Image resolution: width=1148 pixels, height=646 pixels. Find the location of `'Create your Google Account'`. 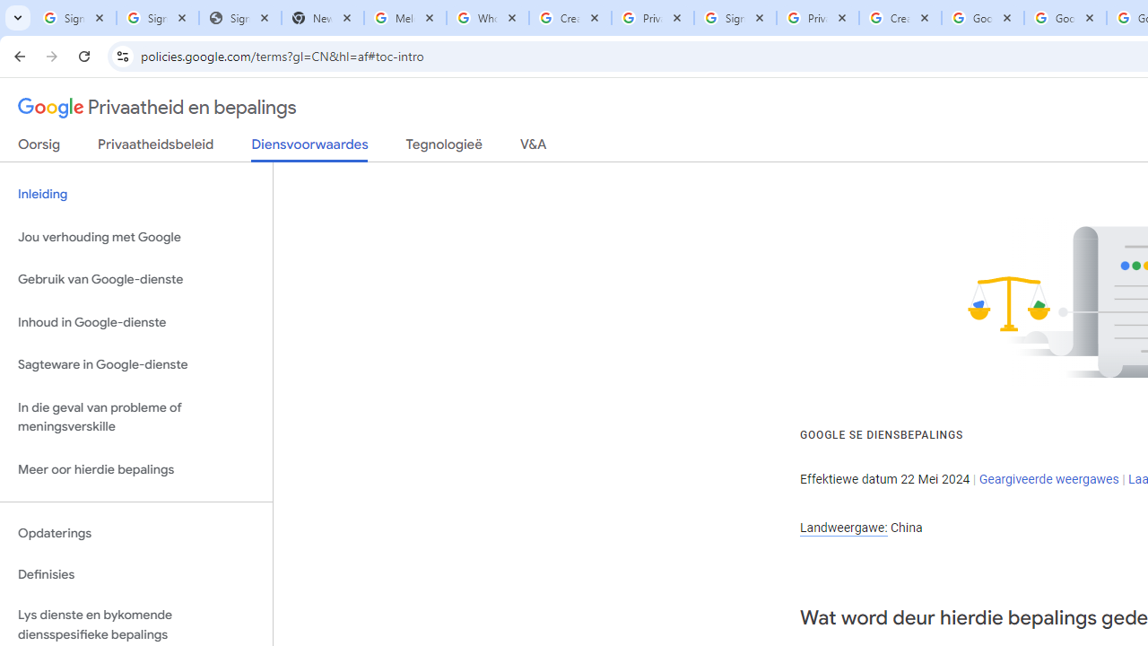

'Create your Google Account' is located at coordinates (900, 18).